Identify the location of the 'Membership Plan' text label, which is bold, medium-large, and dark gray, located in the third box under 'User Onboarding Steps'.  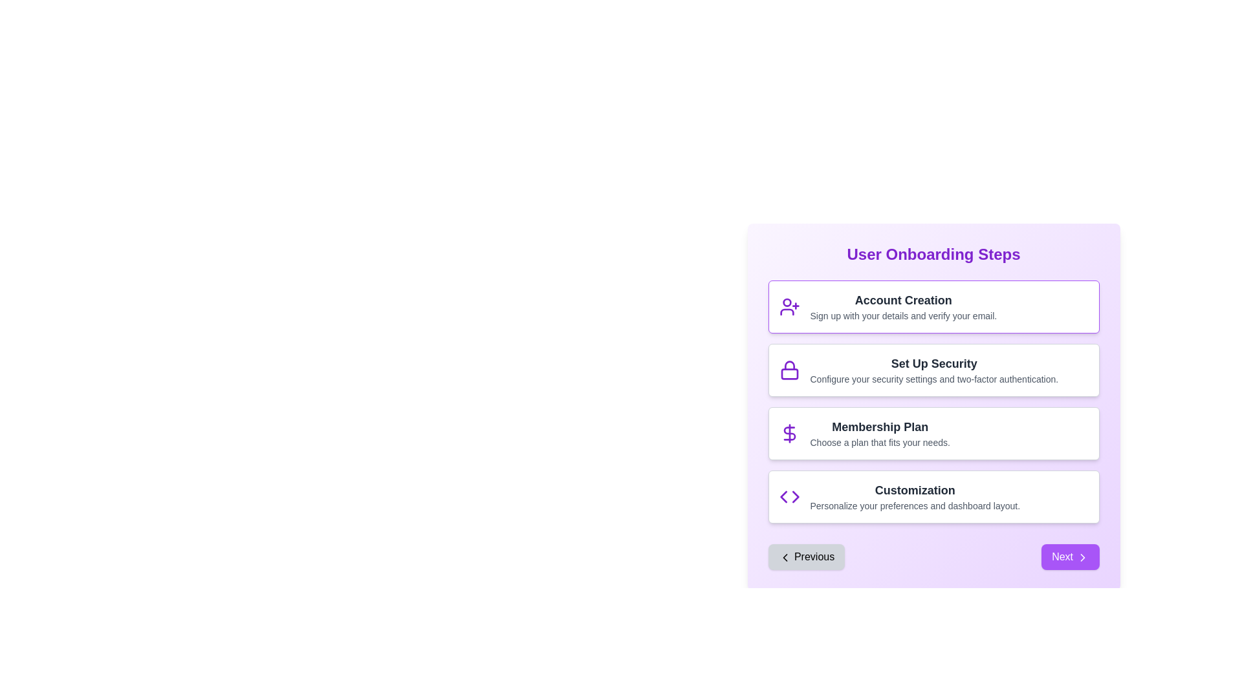
(880, 427).